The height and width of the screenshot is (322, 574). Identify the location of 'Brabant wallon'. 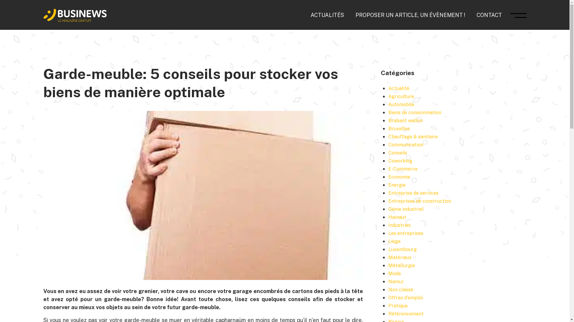
(405, 120).